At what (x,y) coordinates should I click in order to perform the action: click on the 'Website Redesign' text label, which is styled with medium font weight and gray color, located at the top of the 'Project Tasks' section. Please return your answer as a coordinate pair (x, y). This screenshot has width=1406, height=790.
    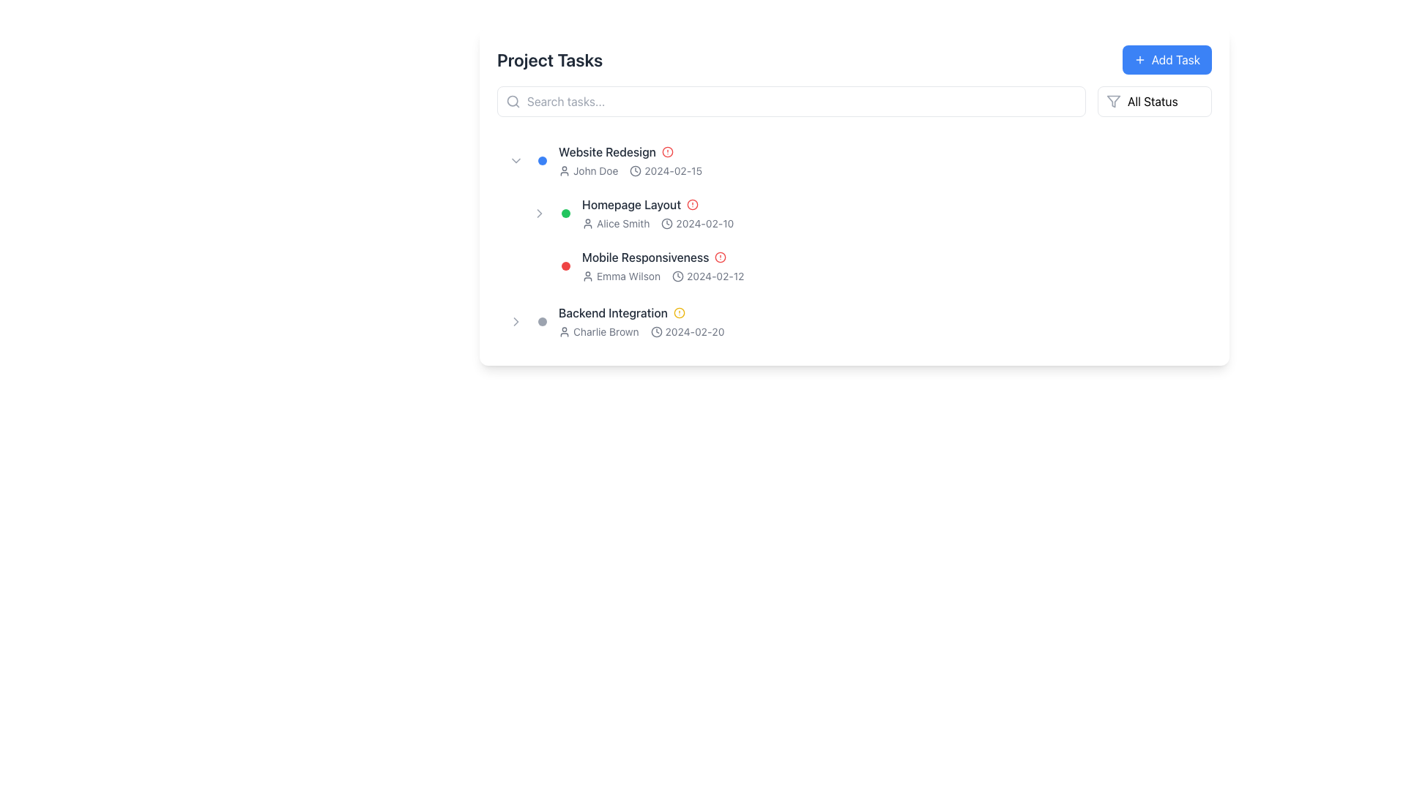
    Looking at the image, I should click on (607, 152).